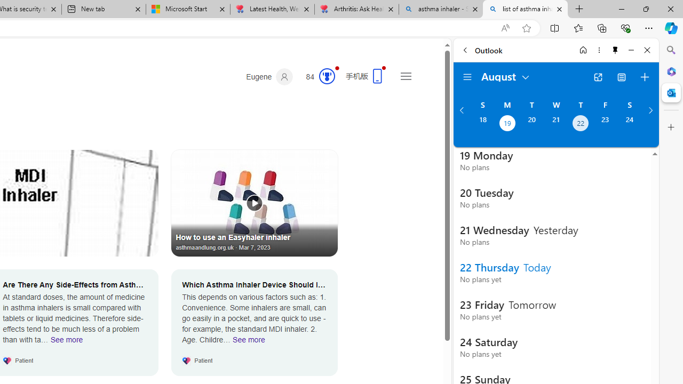 The height and width of the screenshot is (384, 683). I want to click on 'asthma inhaler - Search', so click(441, 9).